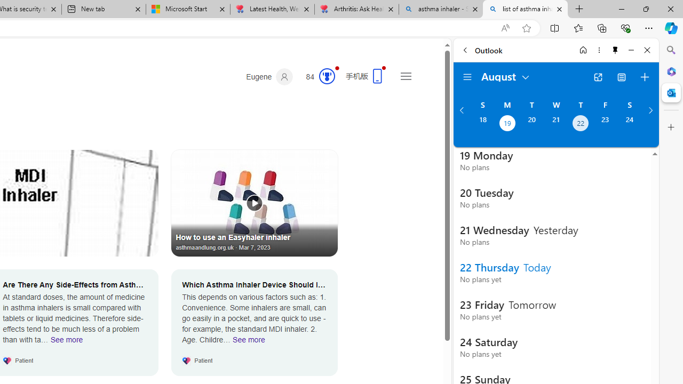 The height and width of the screenshot is (384, 683). I want to click on 'asthma inhaler - Search', so click(441, 9).